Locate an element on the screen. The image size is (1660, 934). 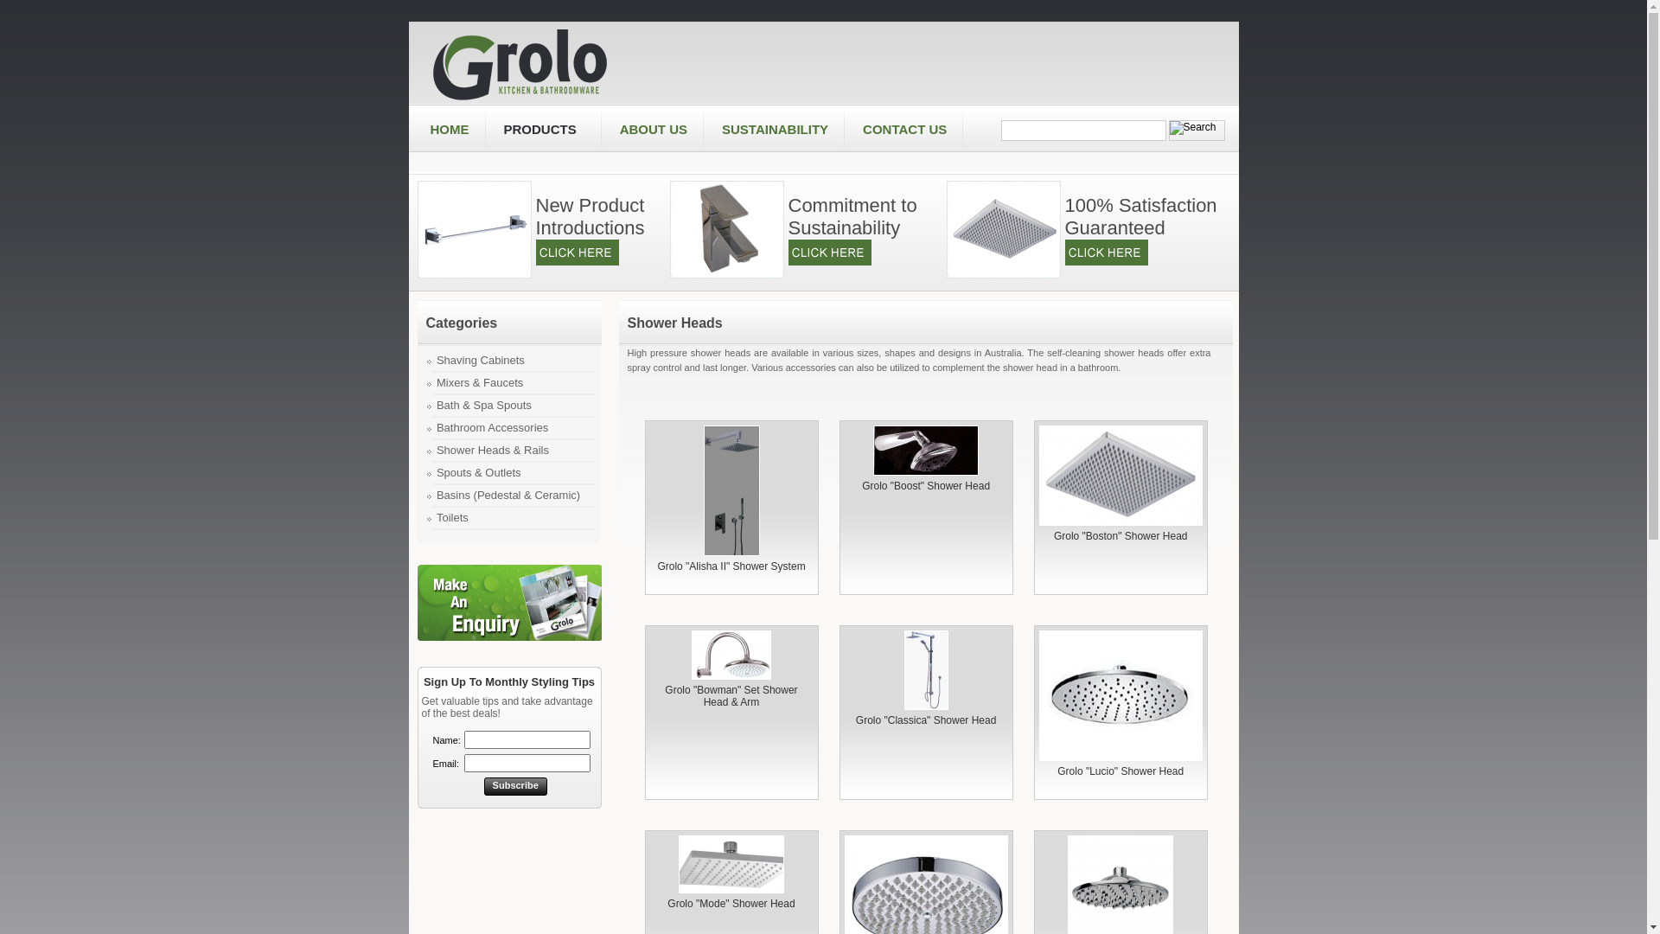
'SUSTAINABILITY' is located at coordinates (705, 129).